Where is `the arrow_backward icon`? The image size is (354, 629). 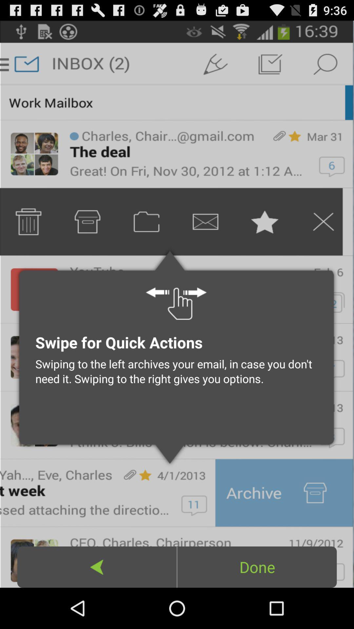
the arrow_backward icon is located at coordinates (97, 606).